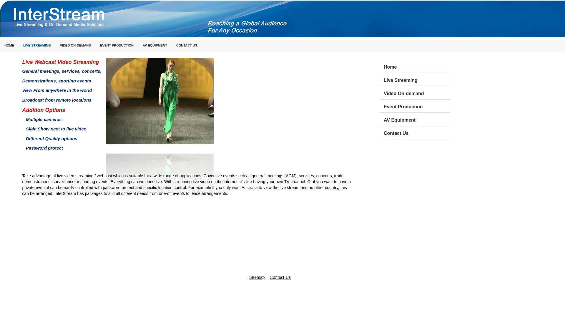 This screenshot has height=318, width=565. What do you see at coordinates (257, 277) in the screenshot?
I see `'Sitemap'` at bounding box center [257, 277].